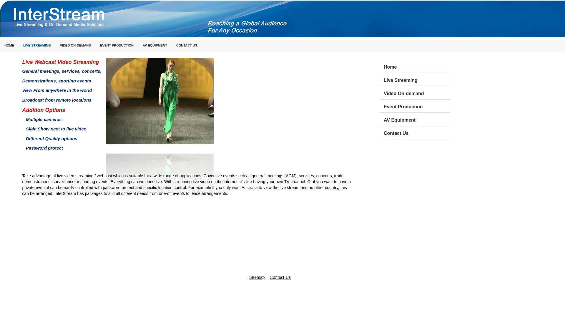 This screenshot has height=318, width=565. What do you see at coordinates (257, 277) in the screenshot?
I see `'Sitemap'` at bounding box center [257, 277].